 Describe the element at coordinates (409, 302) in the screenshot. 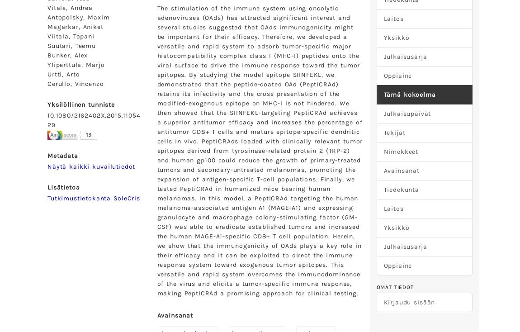

I see `'Kirjaudu sisään'` at that location.